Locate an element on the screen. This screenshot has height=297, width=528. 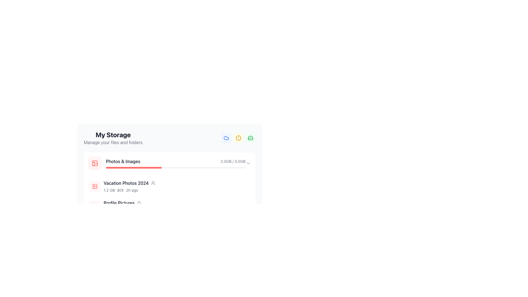
the static text label displaying the size of the file or folder for 'Vacation Photos 2024', which is positioned to the left of the middle dot symbol (•) and the text '2h ago' is located at coordinates (109, 190).